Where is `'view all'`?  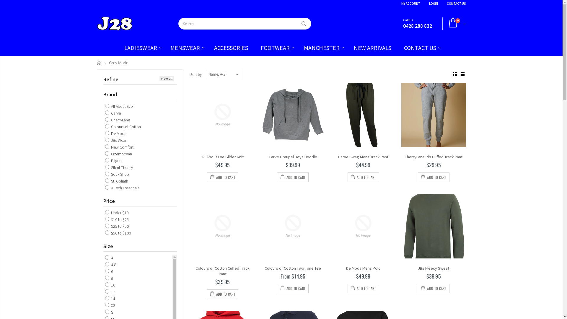
'view all' is located at coordinates (166, 78).